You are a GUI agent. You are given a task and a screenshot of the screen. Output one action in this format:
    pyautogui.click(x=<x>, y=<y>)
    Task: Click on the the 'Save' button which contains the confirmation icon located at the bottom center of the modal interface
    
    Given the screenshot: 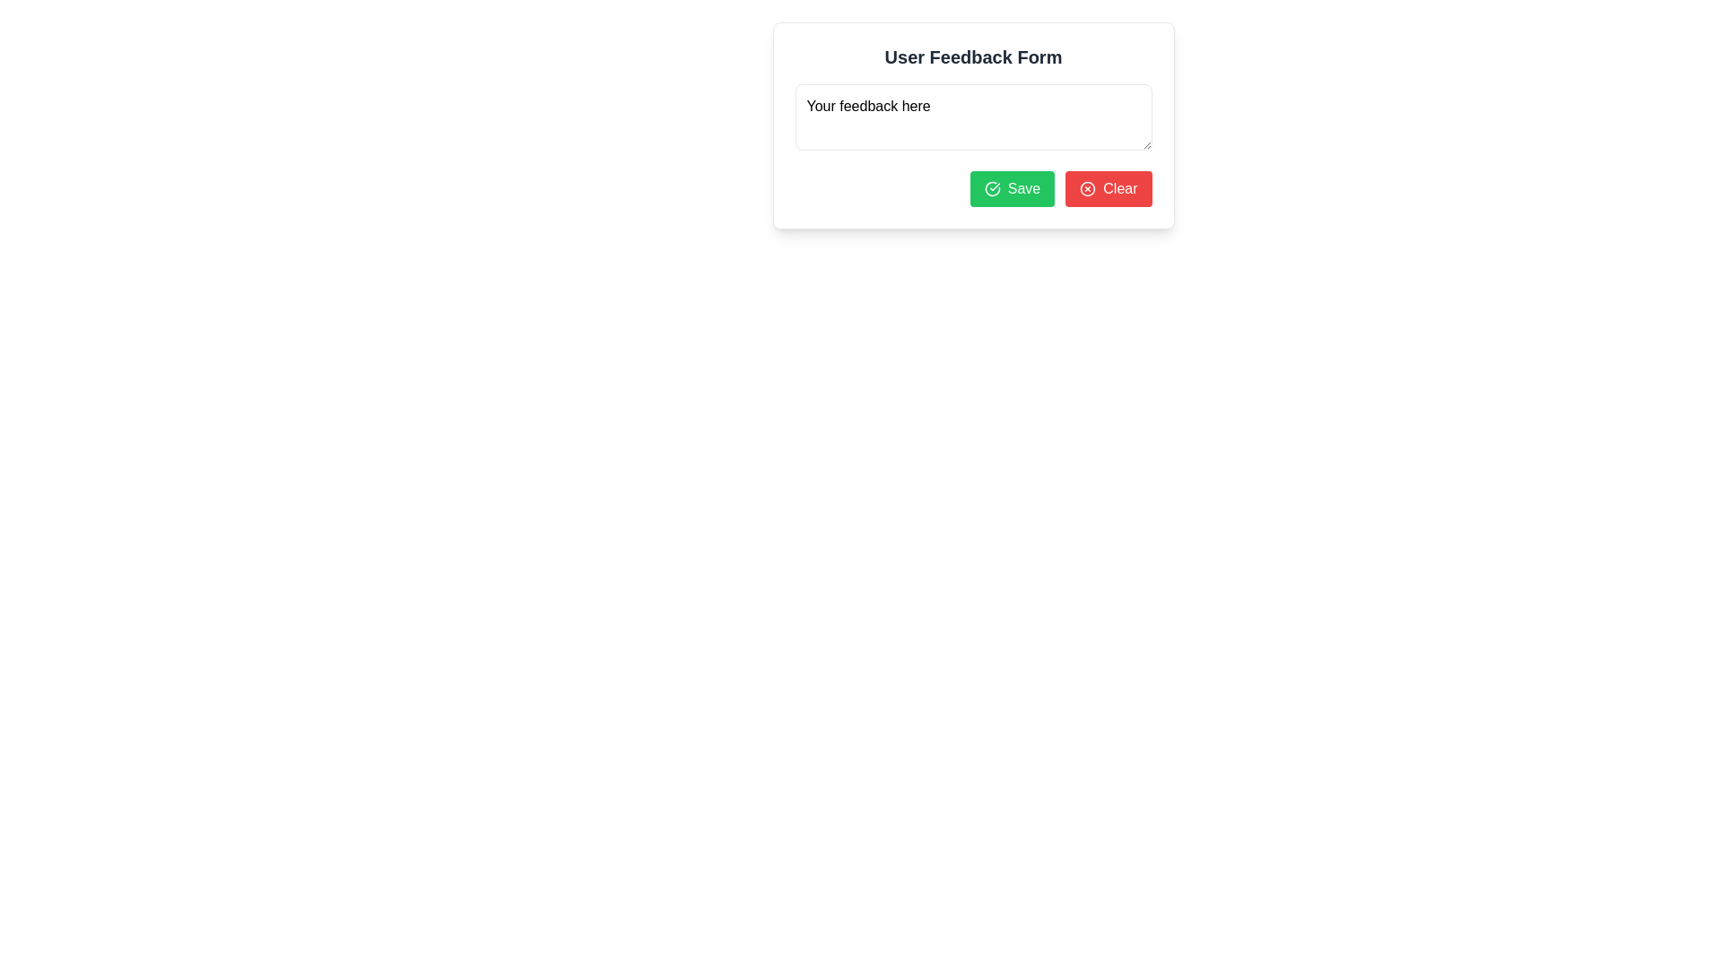 What is the action you would take?
    pyautogui.click(x=991, y=189)
    